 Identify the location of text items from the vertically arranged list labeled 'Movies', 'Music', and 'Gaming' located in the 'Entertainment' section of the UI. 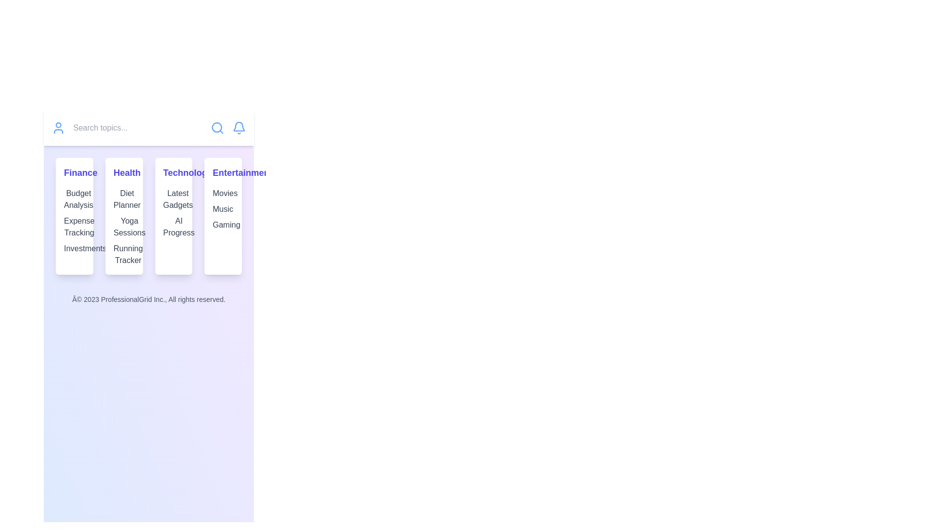
(222, 208).